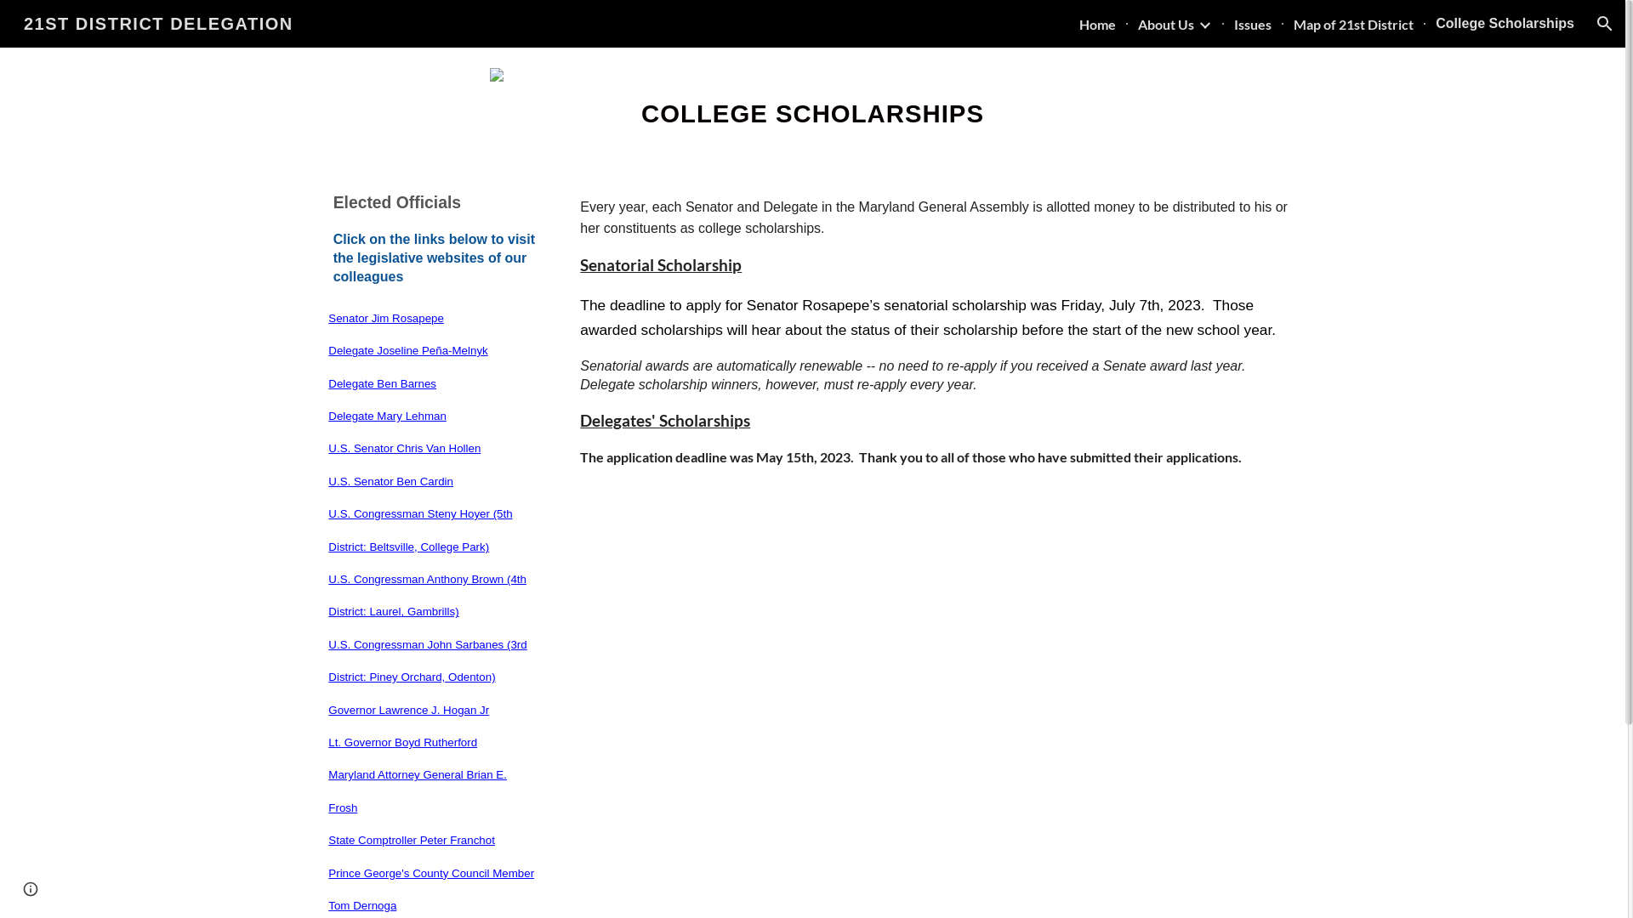 Image resolution: width=1633 pixels, height=918 pixels. I want to click on 'Maryland Attorney General Brian E. Frosh', so click(417, 790).